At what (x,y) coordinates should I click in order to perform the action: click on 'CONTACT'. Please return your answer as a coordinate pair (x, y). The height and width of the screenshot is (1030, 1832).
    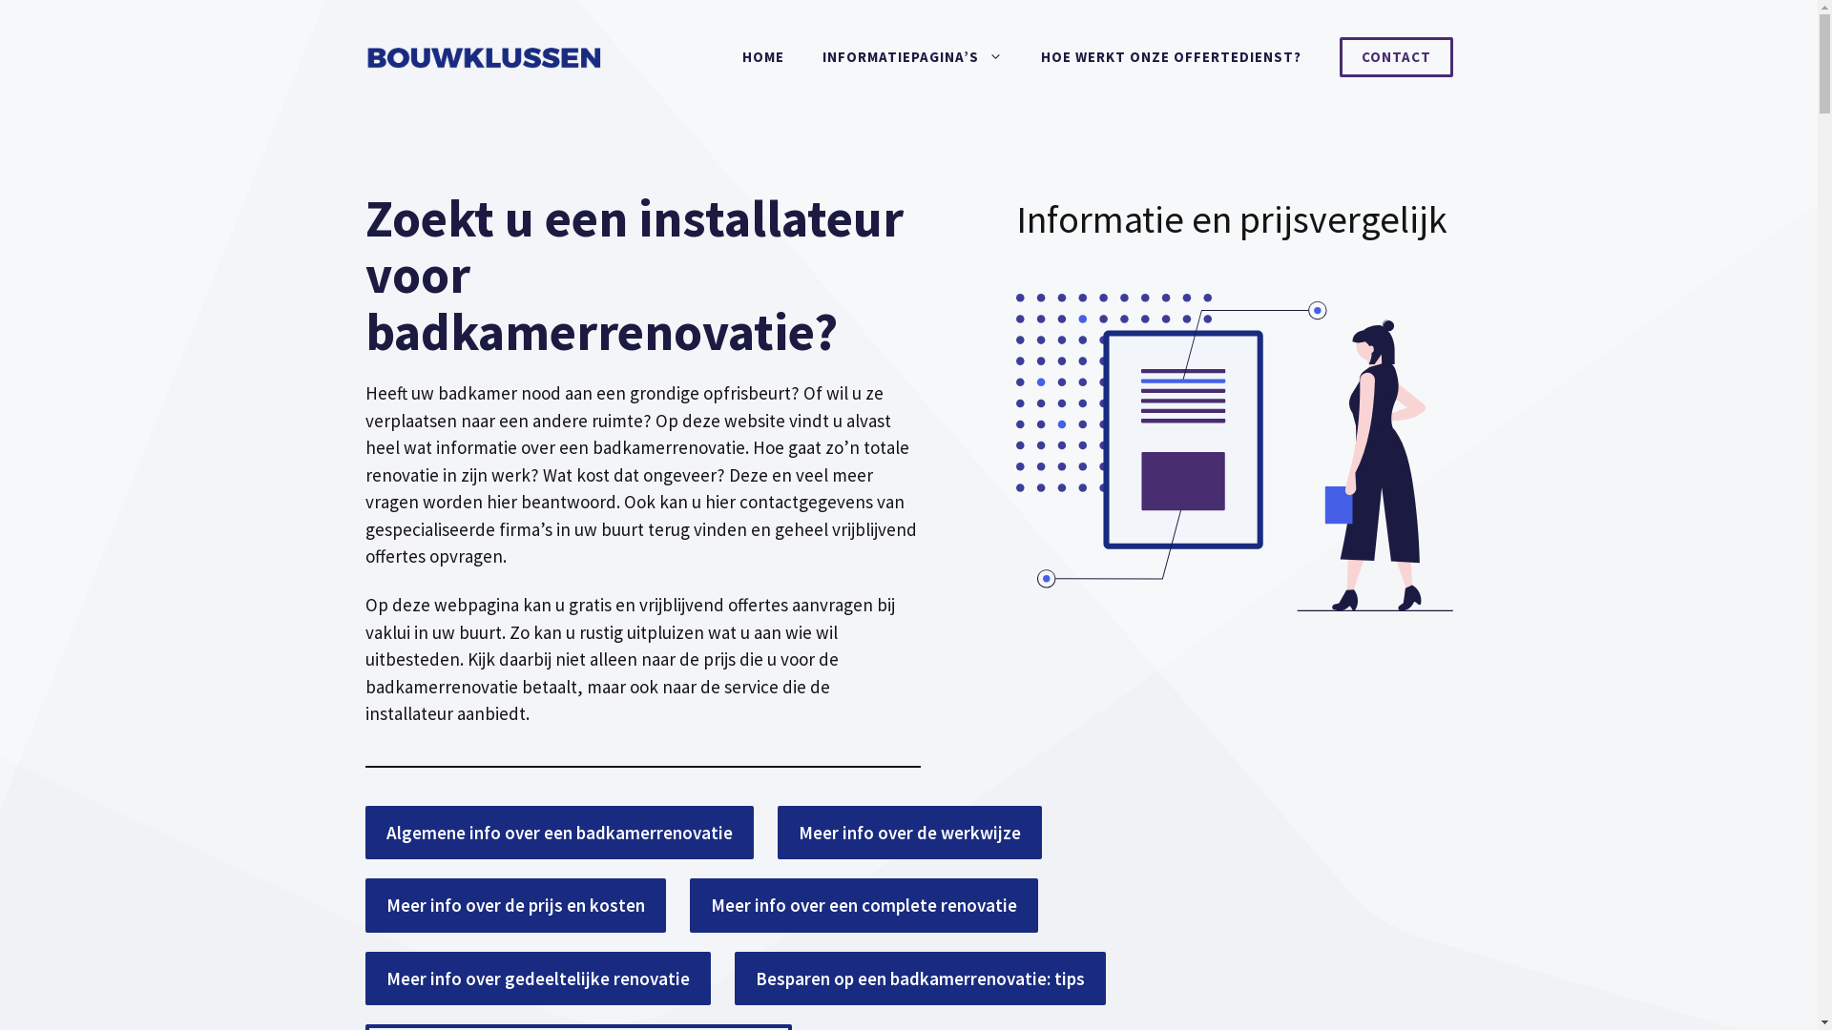
    Looking at the image, I should click on (1396, 56).